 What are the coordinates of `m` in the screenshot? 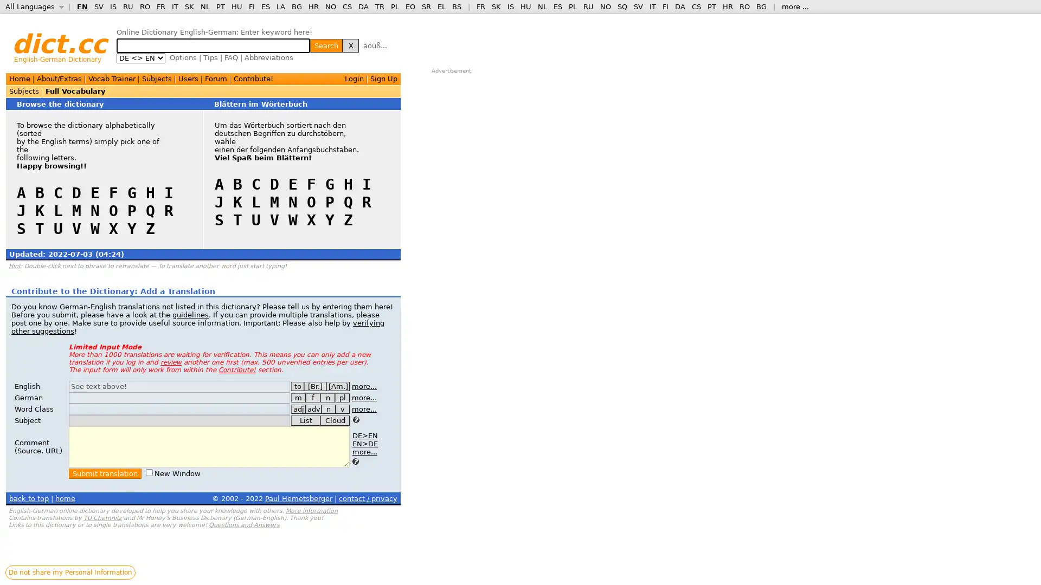 It's located at (298, 398).